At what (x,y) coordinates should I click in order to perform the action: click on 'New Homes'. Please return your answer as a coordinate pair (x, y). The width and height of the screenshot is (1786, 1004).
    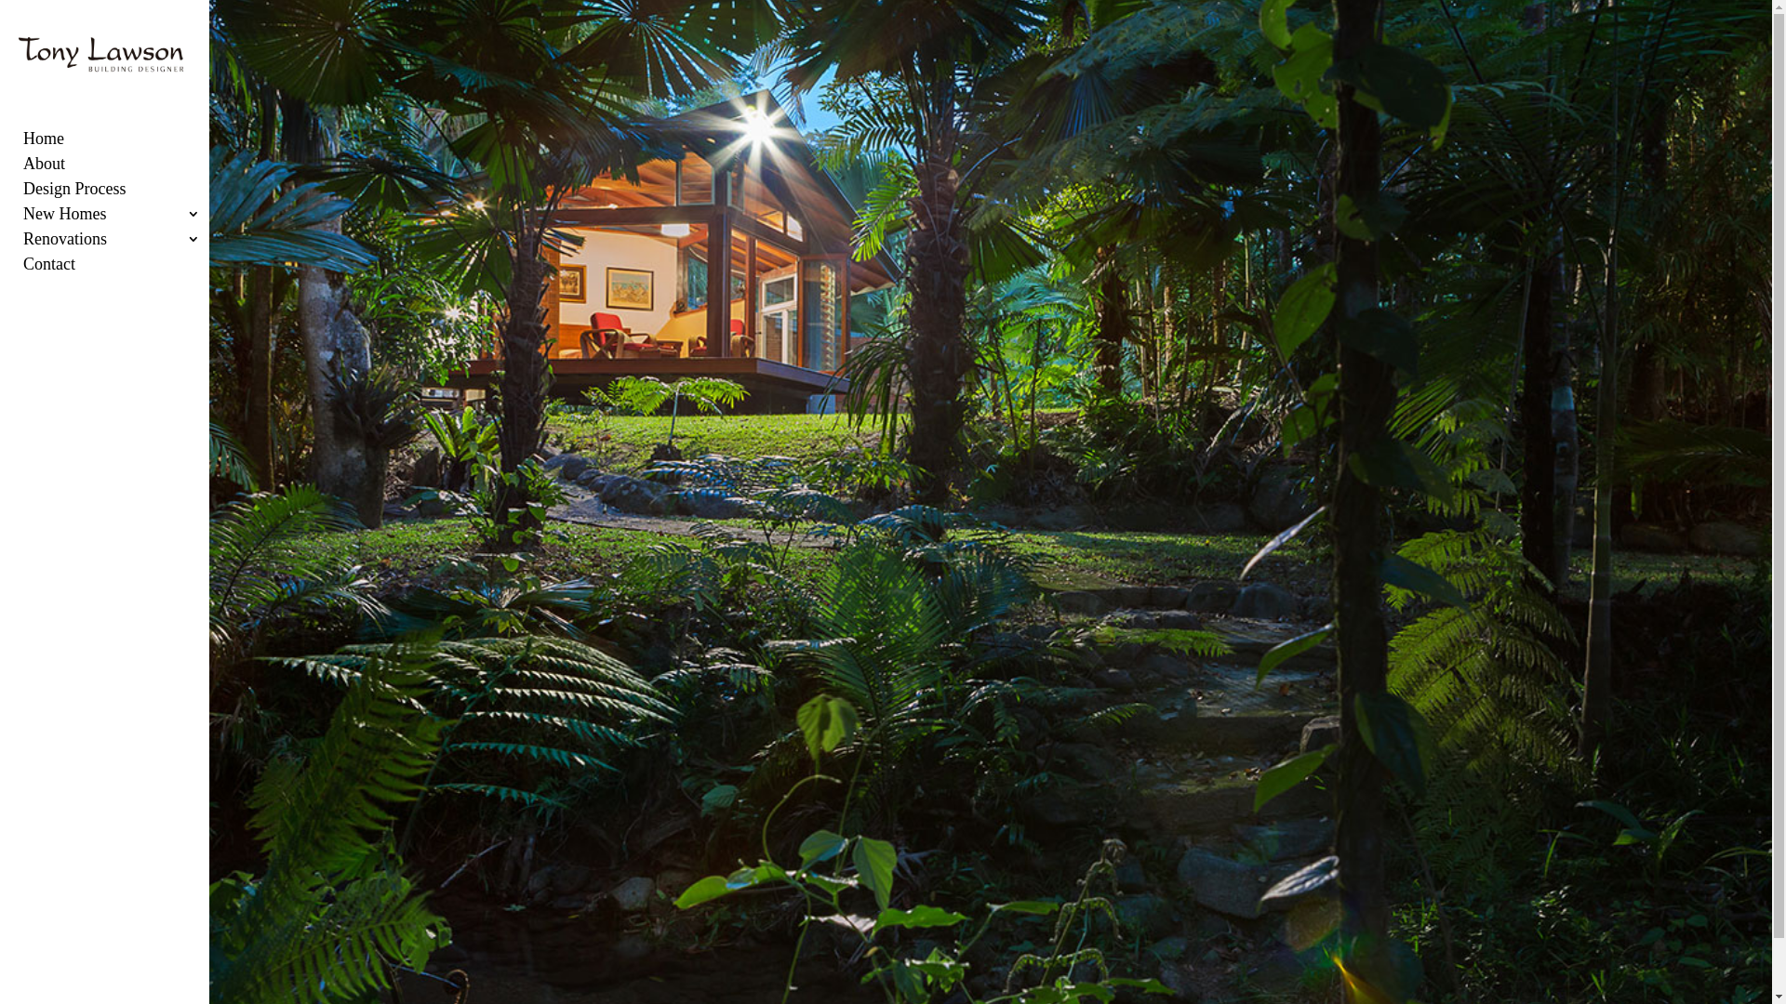
    Looking at the image, I should click on (124, 218).